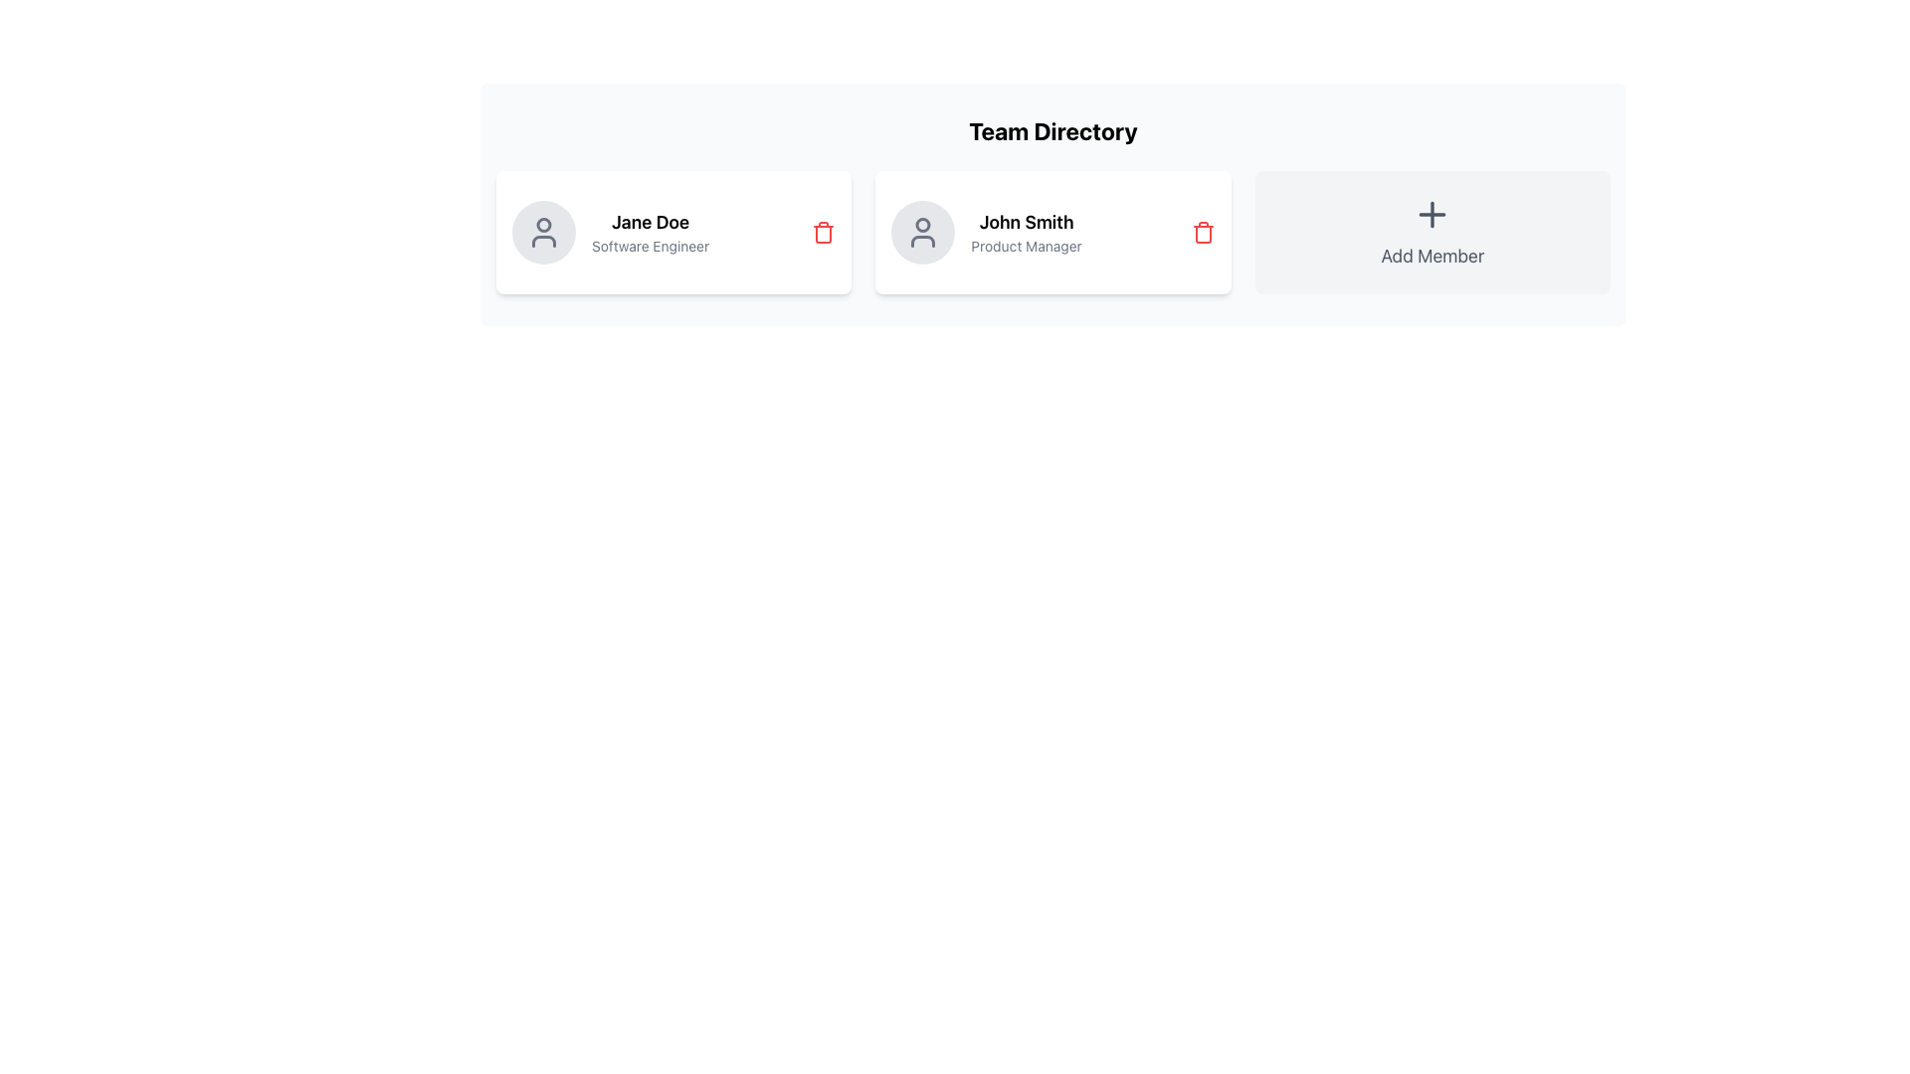 This screenshot has height=1074, width=1910. Describe the element at coordinates (922, 232) in the screenshot. I see `the user's profile icon located in the second profile card of the team directory` at that location.